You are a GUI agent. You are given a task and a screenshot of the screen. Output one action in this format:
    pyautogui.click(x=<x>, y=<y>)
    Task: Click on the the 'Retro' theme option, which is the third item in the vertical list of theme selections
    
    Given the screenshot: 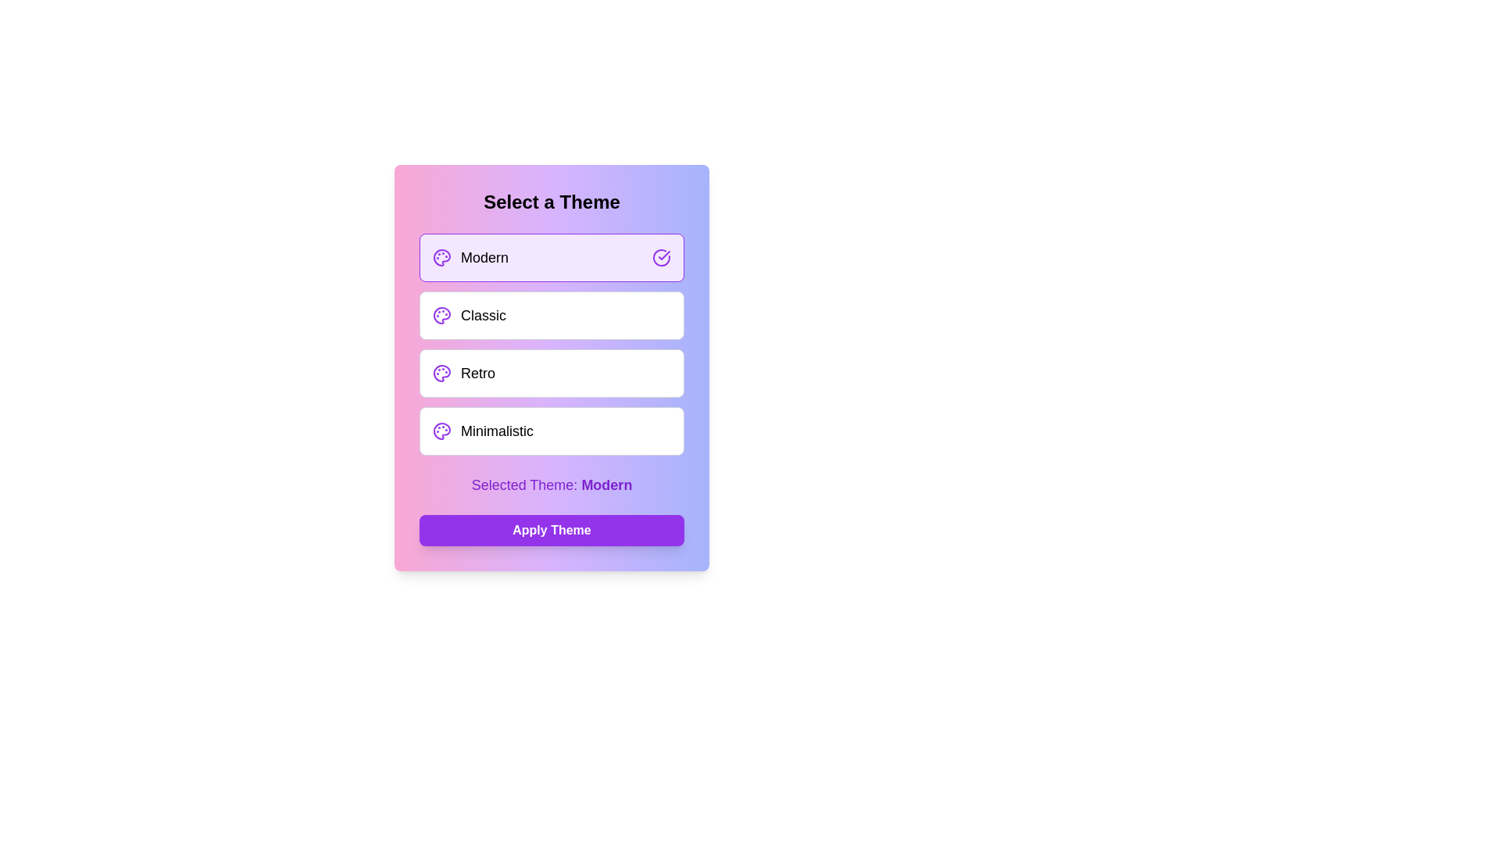 What is the action you would take?
    pyautogui.click(x=463, y=374)
    